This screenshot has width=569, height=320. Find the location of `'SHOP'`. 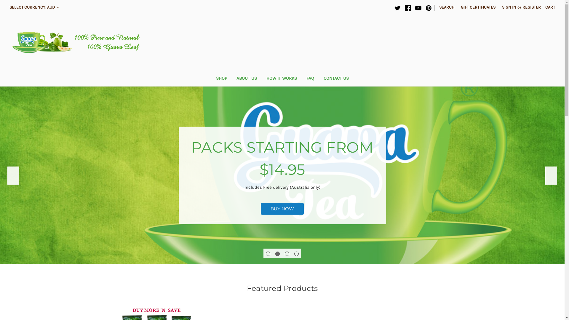

'SHOP' is located at coordinates (221, 79).